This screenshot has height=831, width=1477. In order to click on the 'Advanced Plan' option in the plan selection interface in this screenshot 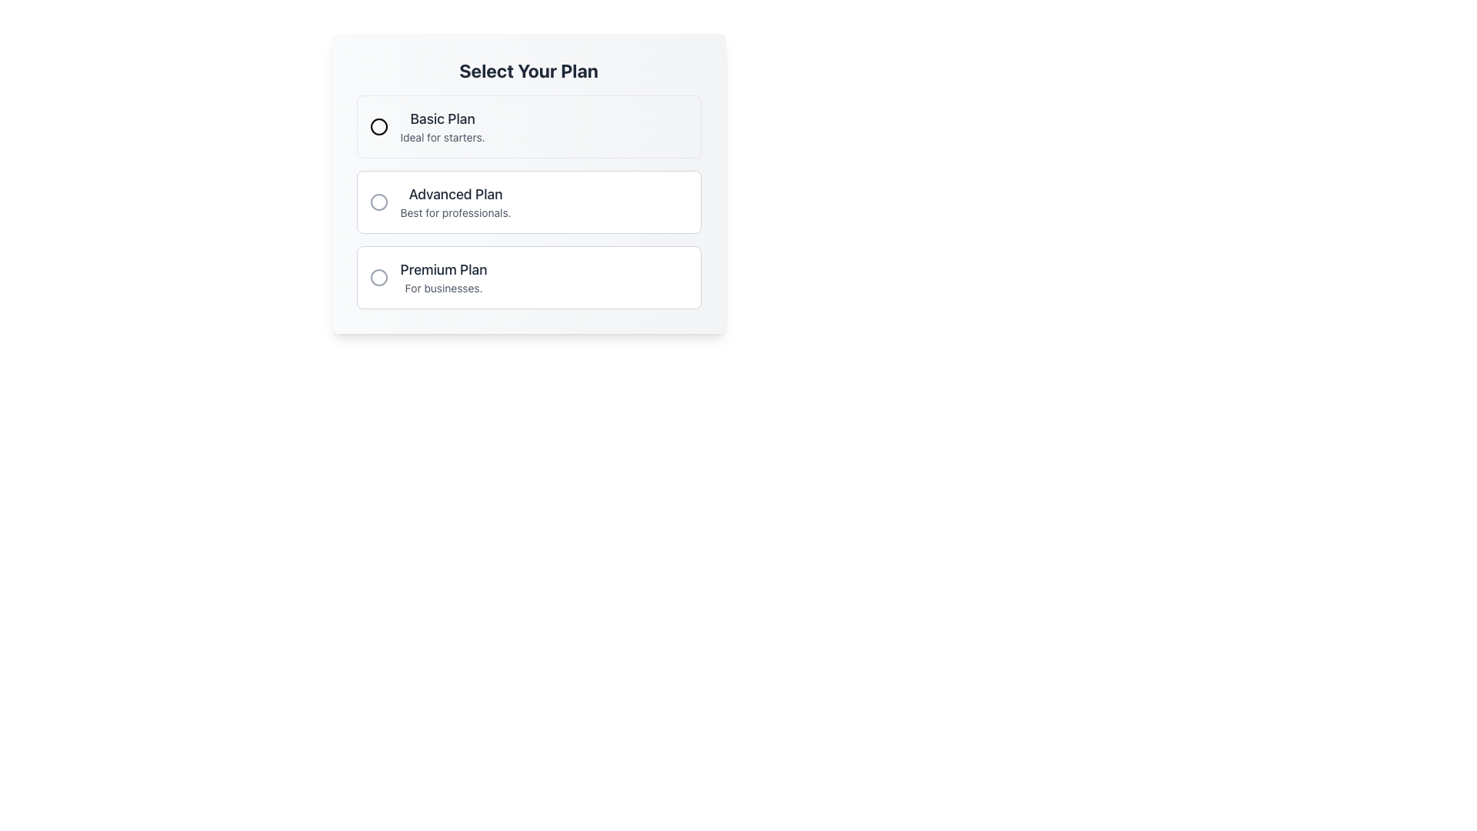, I will do `click(528, 183)`.